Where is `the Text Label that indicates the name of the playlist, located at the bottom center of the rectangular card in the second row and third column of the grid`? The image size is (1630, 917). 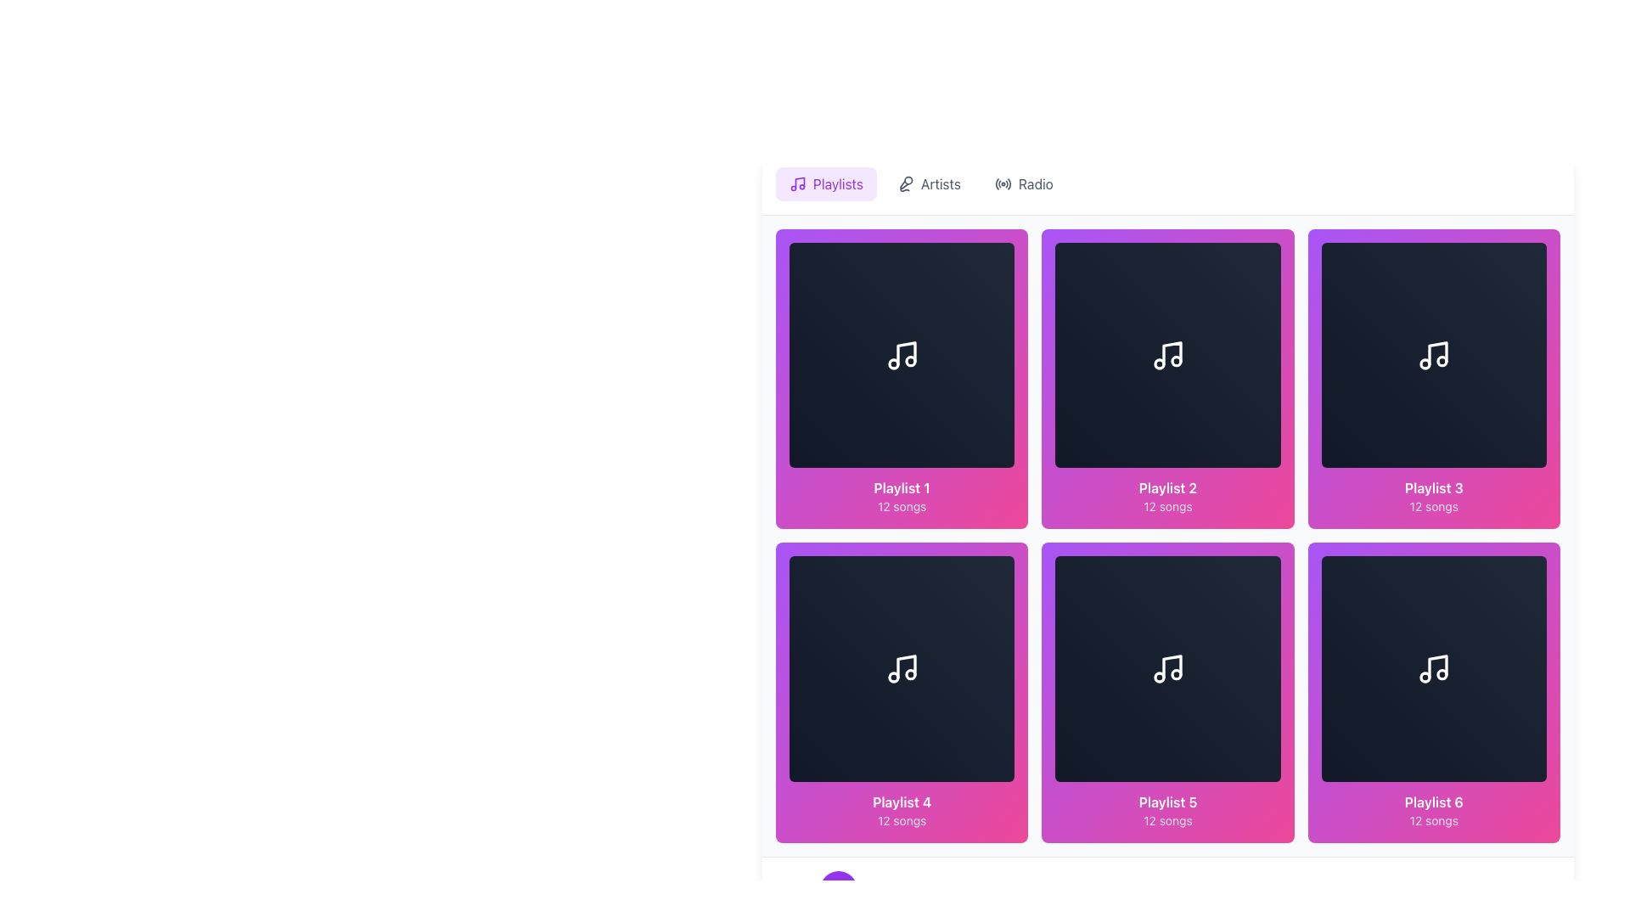
the Text Label that indicates the name of the playlist, located at the bottom center of the rectangular card in the second row and third column of the grid is located at coordinates (1433, 802).